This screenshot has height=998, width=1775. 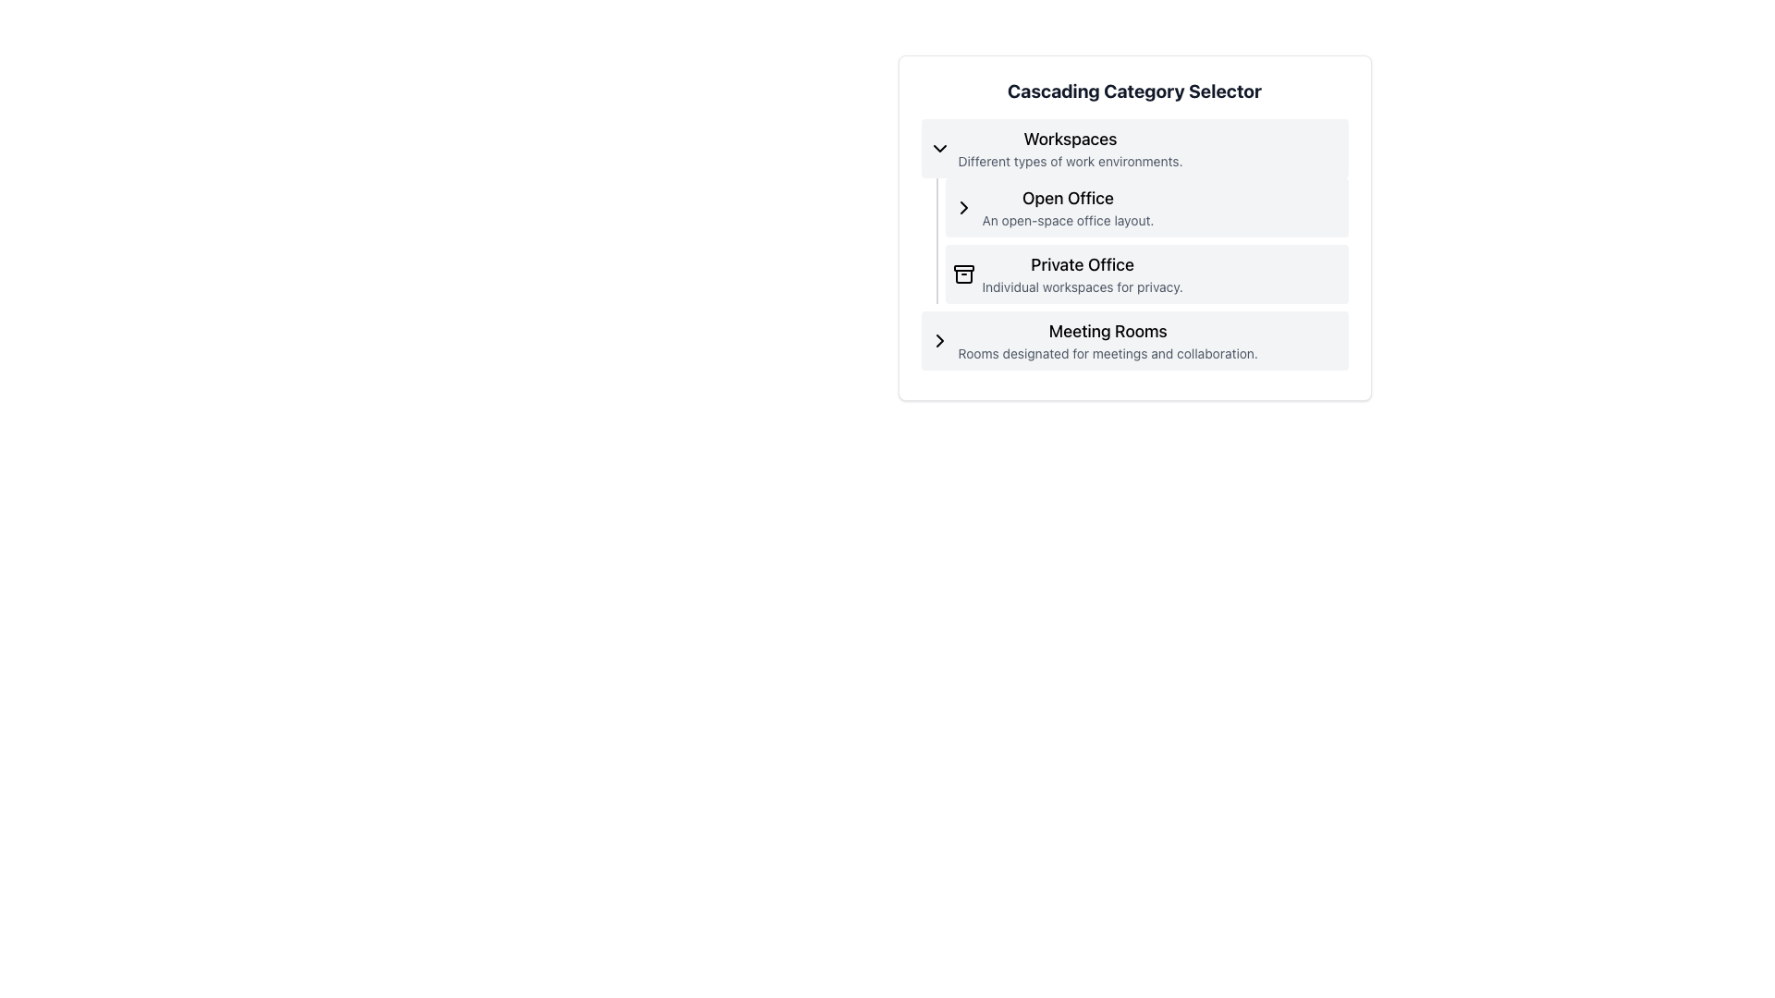 I want to click on the selectable category option labeled 'Meeting Rooms' which is the third entry in the cascading category layout, so click(x=1108, y=341).